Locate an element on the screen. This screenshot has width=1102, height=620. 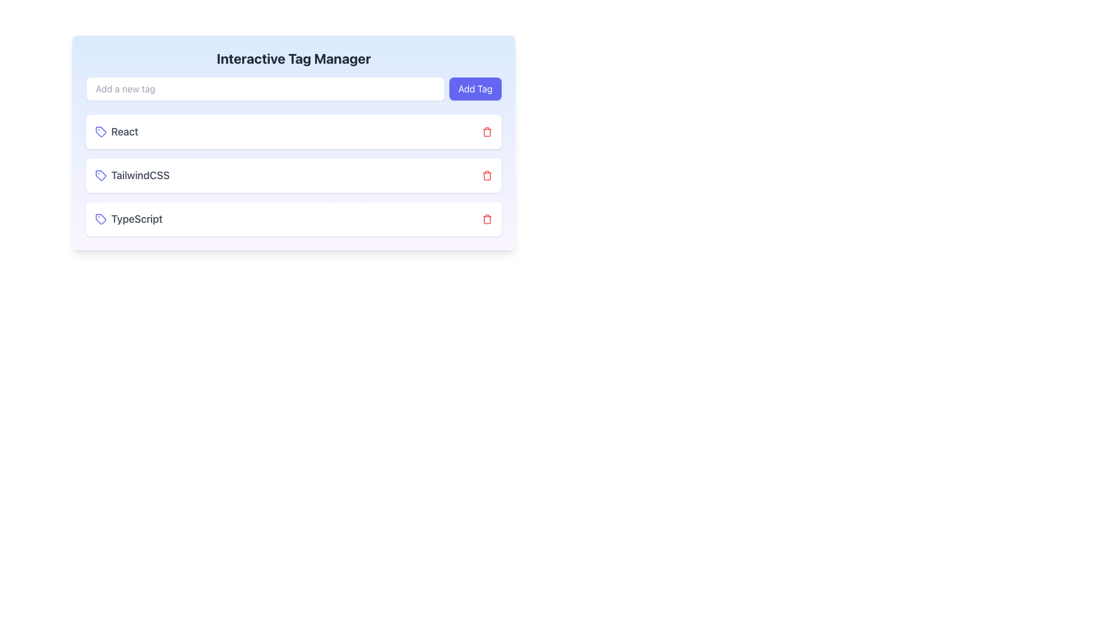
the first tag name in the vertical list of the 'Interactive Tag Manager' card is located at coordinates (125, 131).